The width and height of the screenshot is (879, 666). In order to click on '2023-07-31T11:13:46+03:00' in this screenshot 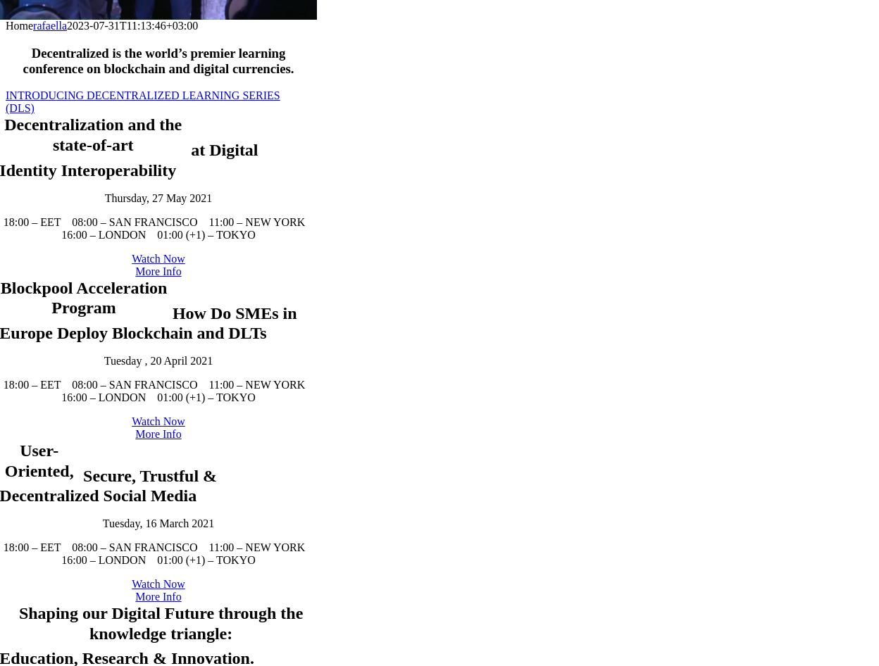, I will do `click(131, 25)`.